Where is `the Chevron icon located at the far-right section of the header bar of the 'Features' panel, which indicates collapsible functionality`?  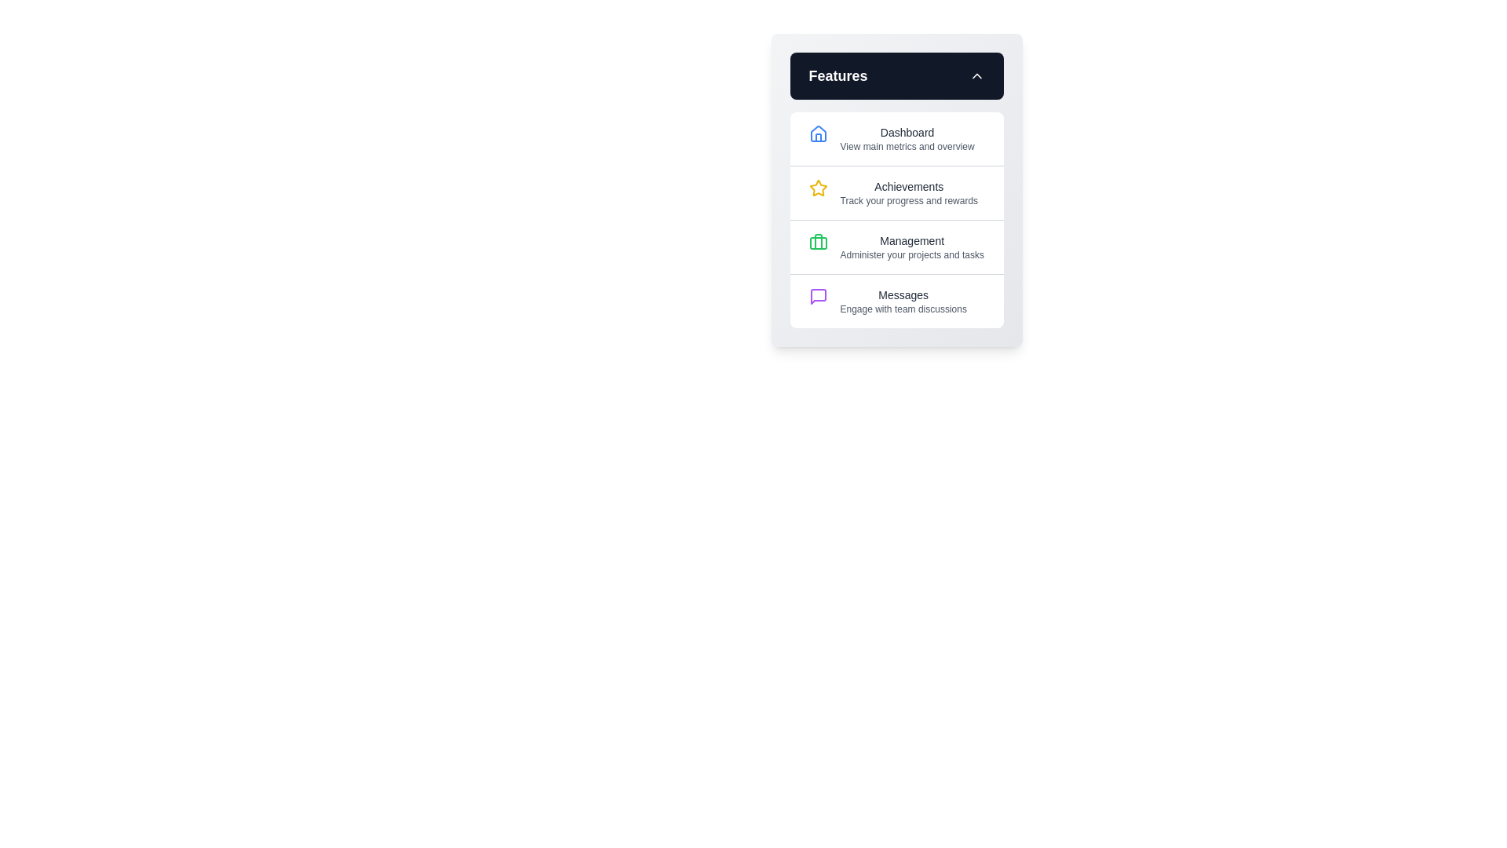
the Chevron icon located at the far-right section of the header bar of the 'Features' panel, which indicates collapsible functionality is located at coordinates (976, 75).